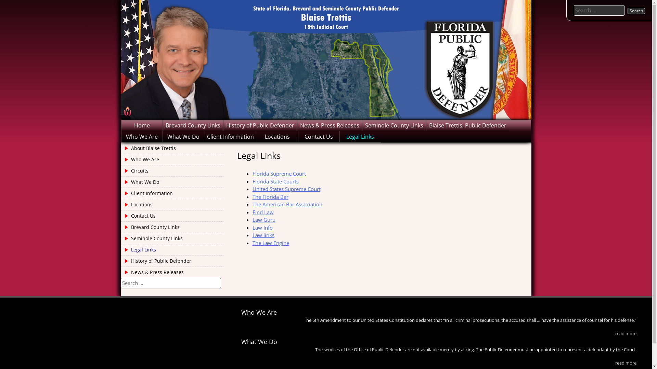  What do you see at coordinates (626, 362) in the screenshot?
I see `'read more'` at bounding box center [626, 362].